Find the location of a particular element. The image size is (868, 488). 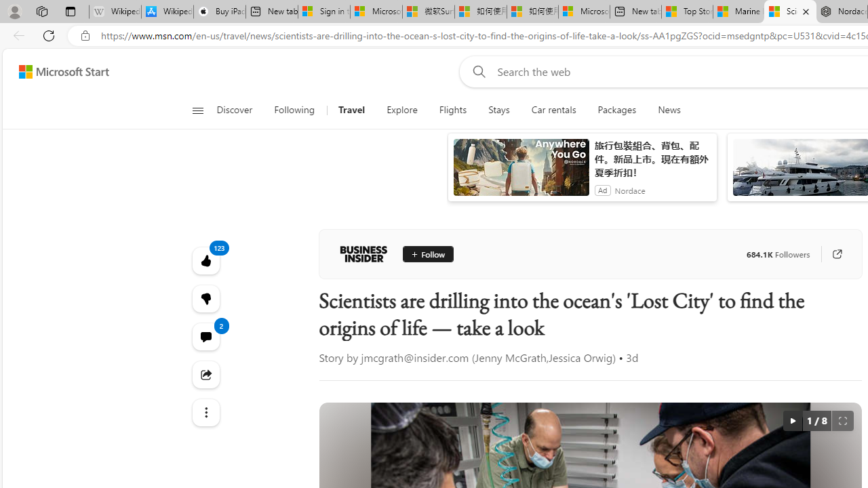

'anim-content' is located at coordinates (520, 172).